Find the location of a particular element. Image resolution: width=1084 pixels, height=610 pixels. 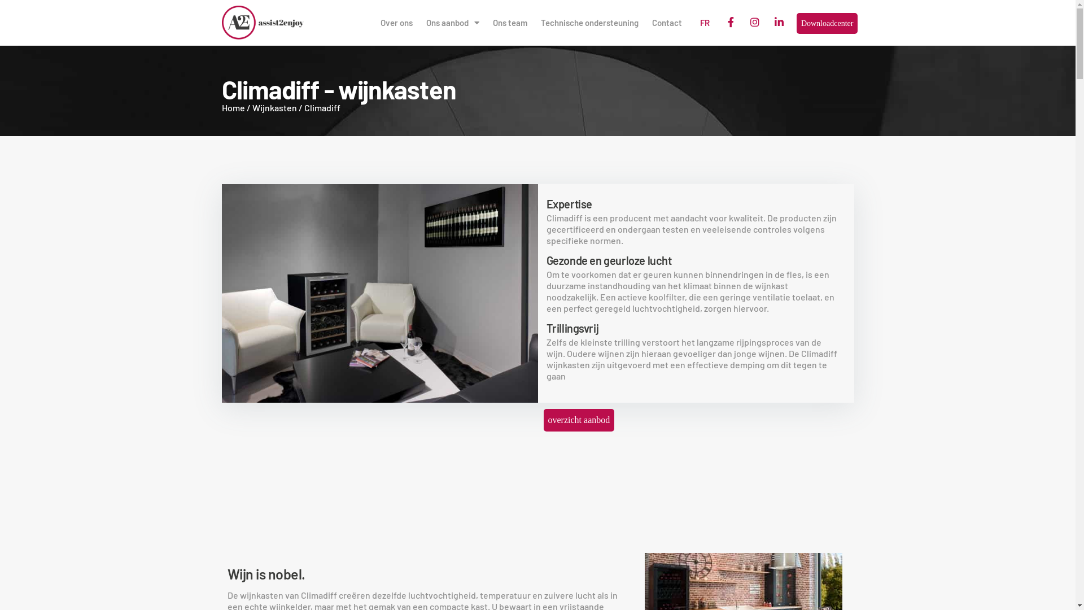

'overzicht aanbod' is located at coordinates (579, 420).